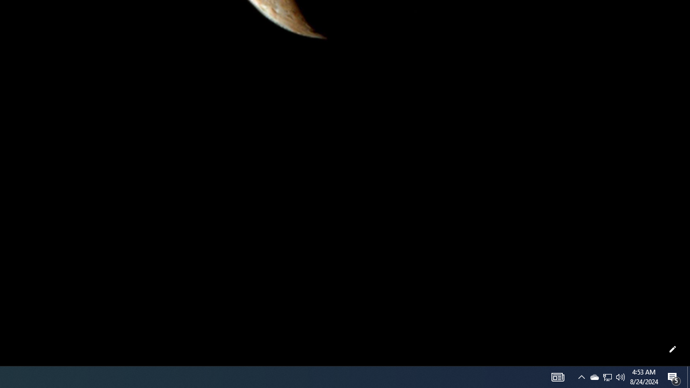  Describe the element at coordinates (672, 349) in the screenshot. I see `'Customize this page'` at that location.